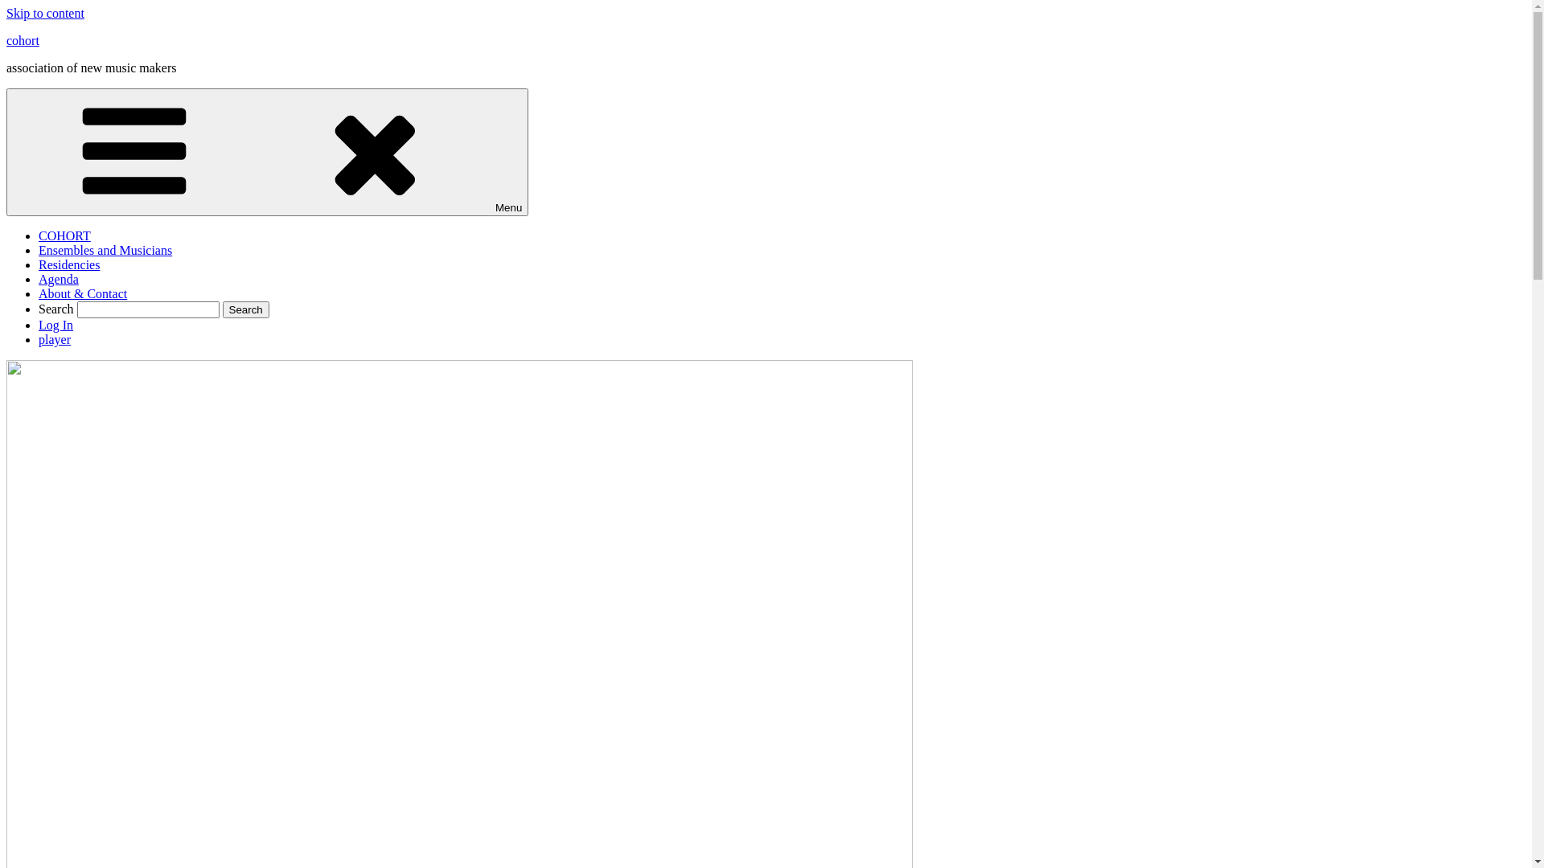 This screenshot has height=868, width=1544. Describe the element at coordinates (54, 338) in the screenshot. I see `'player'` at that location.